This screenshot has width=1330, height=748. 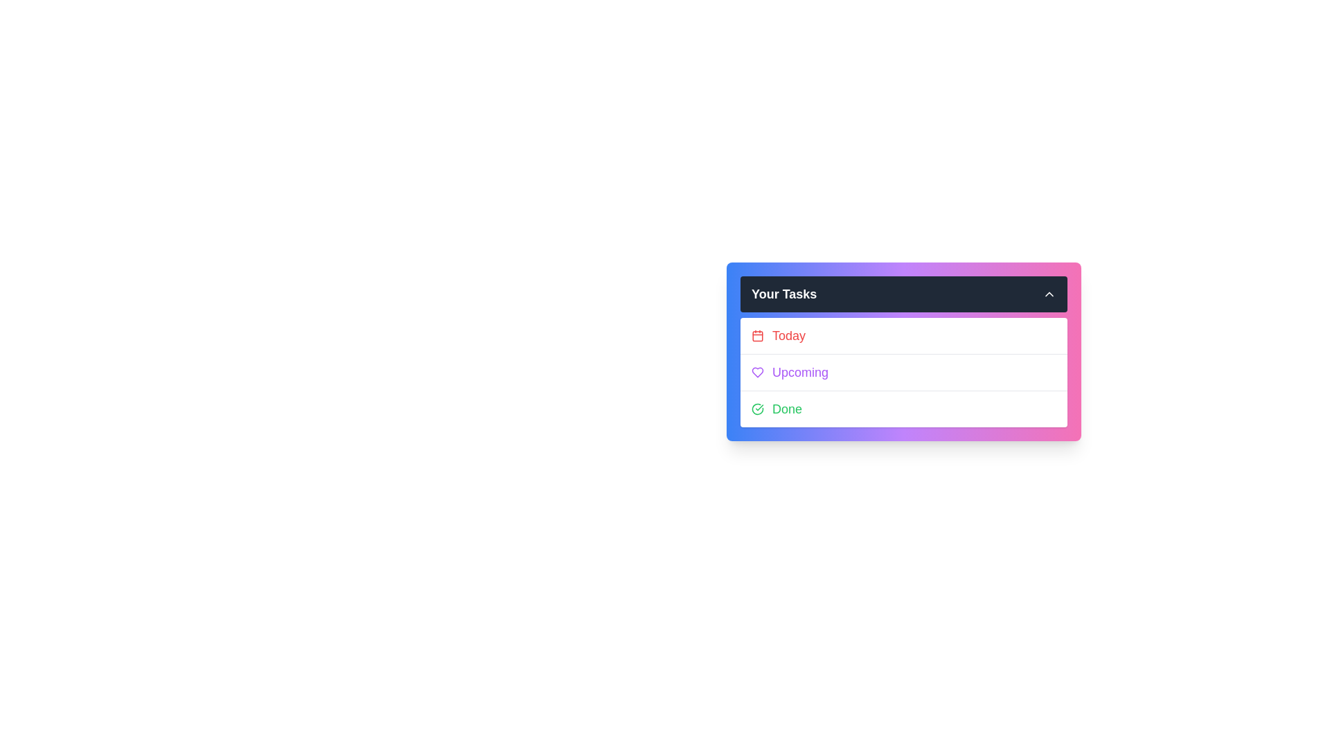 I want to click on toggle button to collapse the menu, so click(x=1049, y=293).